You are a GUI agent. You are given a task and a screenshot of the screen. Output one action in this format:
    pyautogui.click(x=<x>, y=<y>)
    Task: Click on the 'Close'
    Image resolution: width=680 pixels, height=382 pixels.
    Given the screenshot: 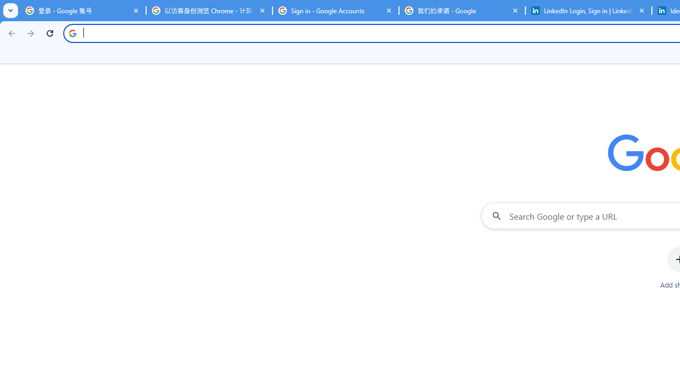 What is the action you would take?
    pyautogui.click(x=641, y=10)
    